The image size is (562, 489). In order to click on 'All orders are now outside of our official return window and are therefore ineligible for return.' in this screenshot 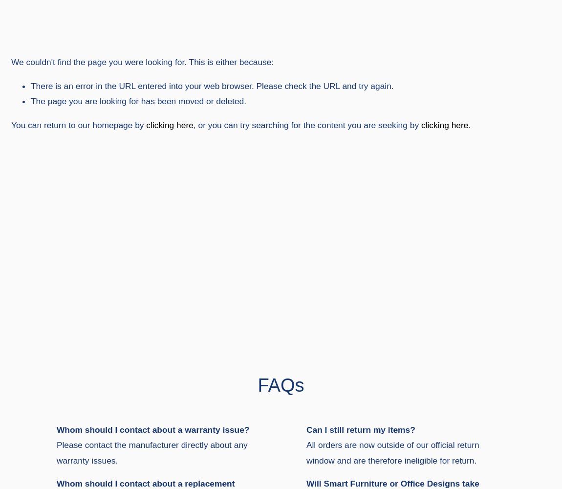, I will do `click(305, 452)`.